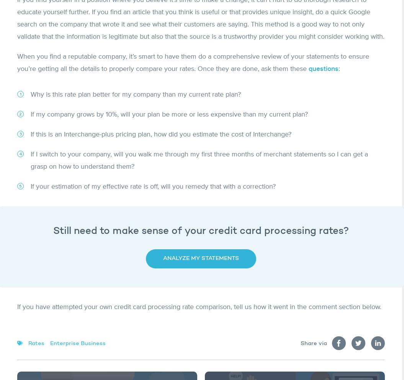 Image resolution: width=404 pixels, height=380 pixels. What do you see at coordinates (339, 68) in the screenshot?
I see `':'` at bounding box center [339, 68].